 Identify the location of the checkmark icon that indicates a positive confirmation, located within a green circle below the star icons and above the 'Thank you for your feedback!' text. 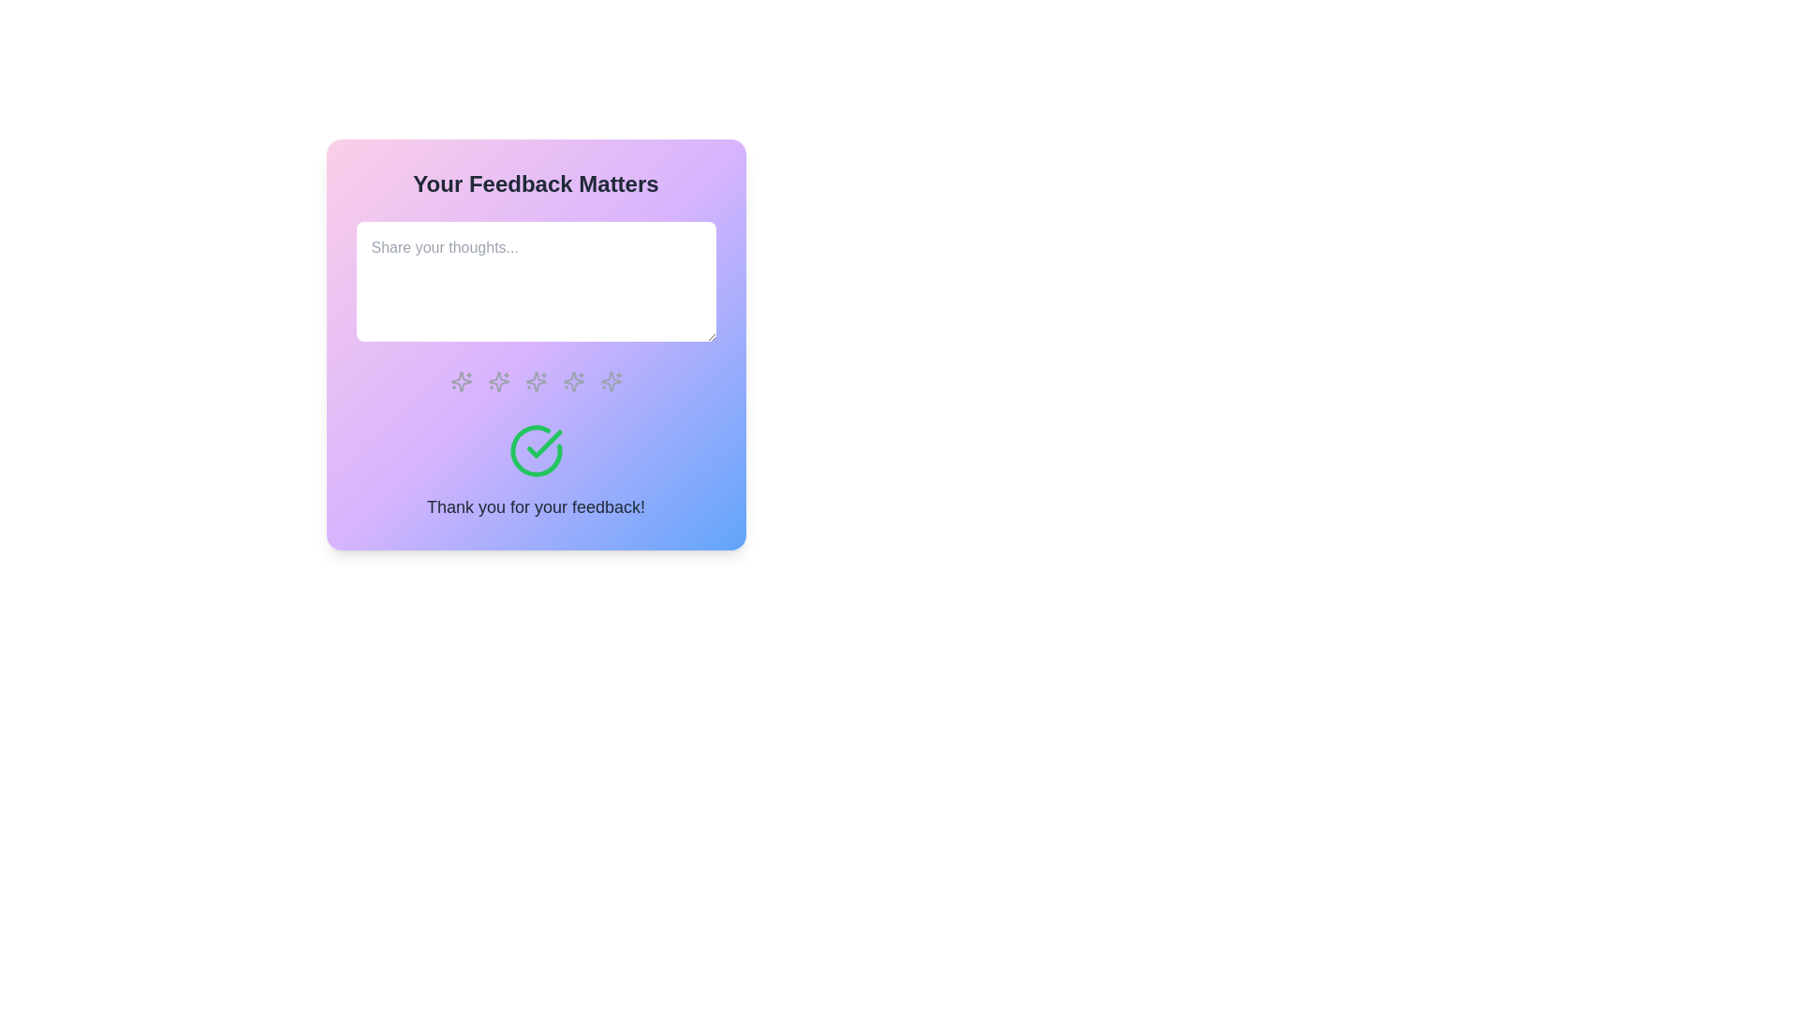
(543, 444).